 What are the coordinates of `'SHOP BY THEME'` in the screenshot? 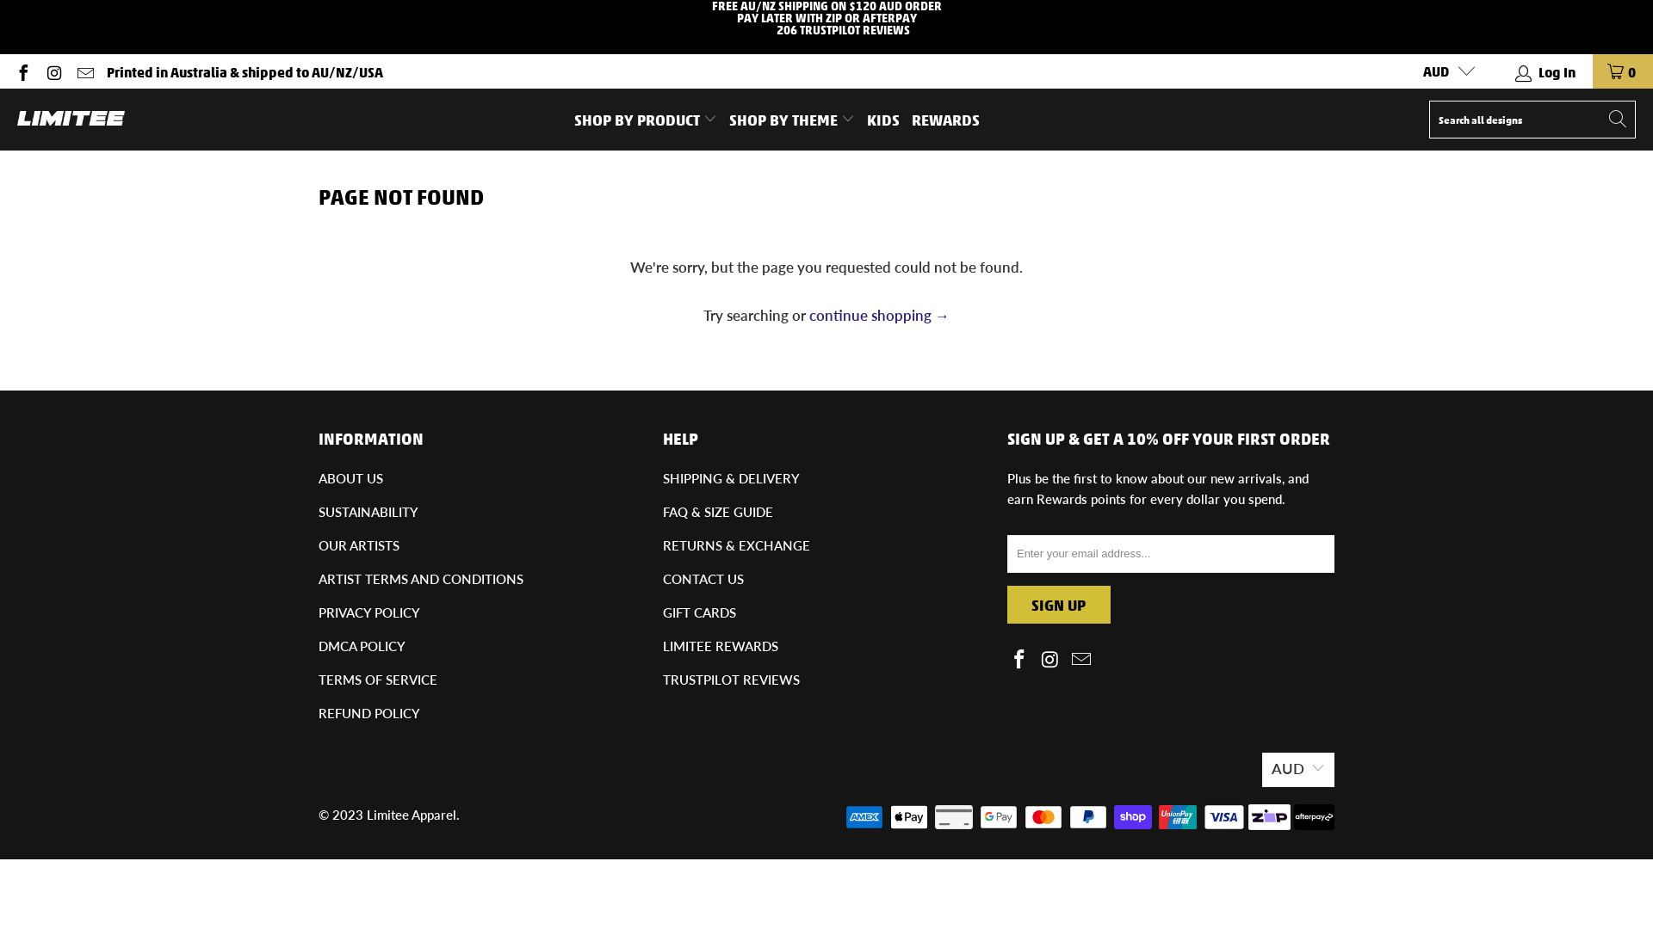 It's located at (728, 118).